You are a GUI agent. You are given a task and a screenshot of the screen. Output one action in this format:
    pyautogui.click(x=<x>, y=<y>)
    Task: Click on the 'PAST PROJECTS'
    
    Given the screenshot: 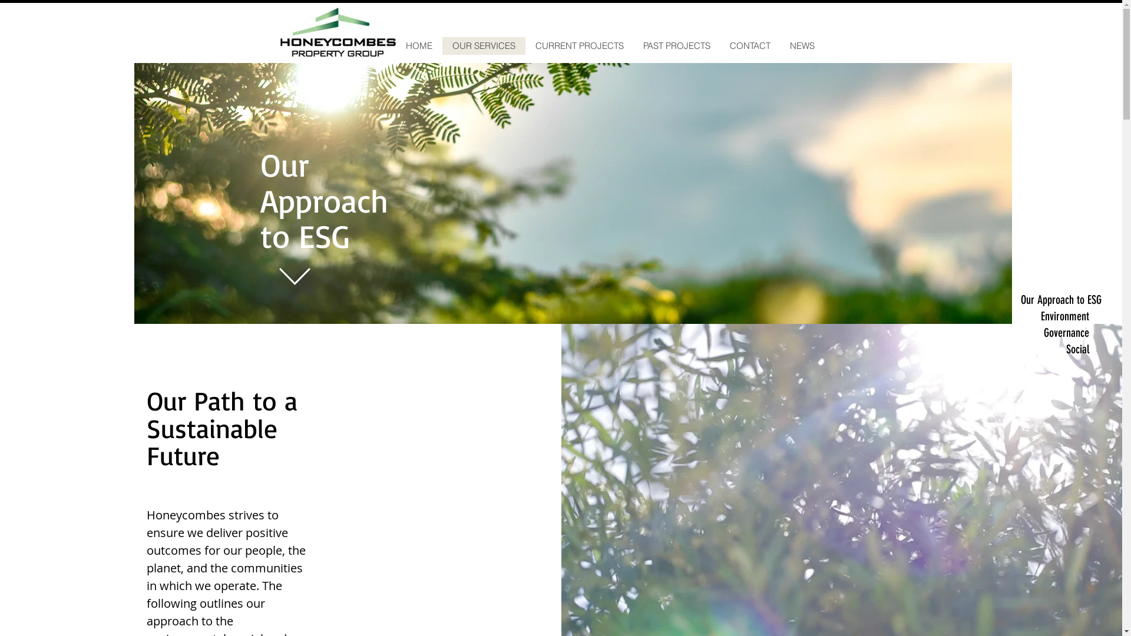 What is the action you would take?
    pyautogui.click(x=676, y=45)
    